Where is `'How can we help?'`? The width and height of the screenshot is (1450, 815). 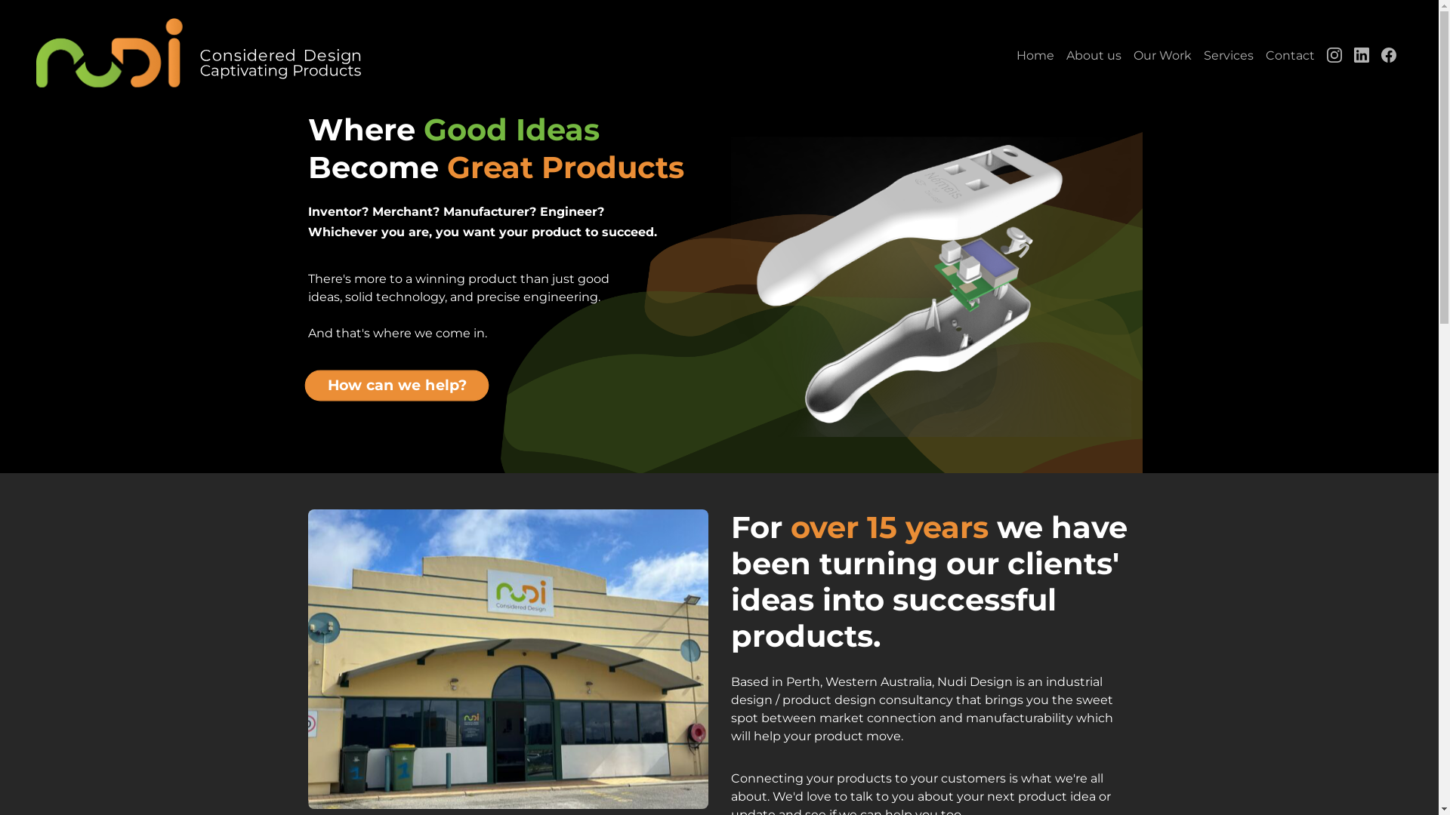 'How can we help?' is located at coordinates (304, 381).